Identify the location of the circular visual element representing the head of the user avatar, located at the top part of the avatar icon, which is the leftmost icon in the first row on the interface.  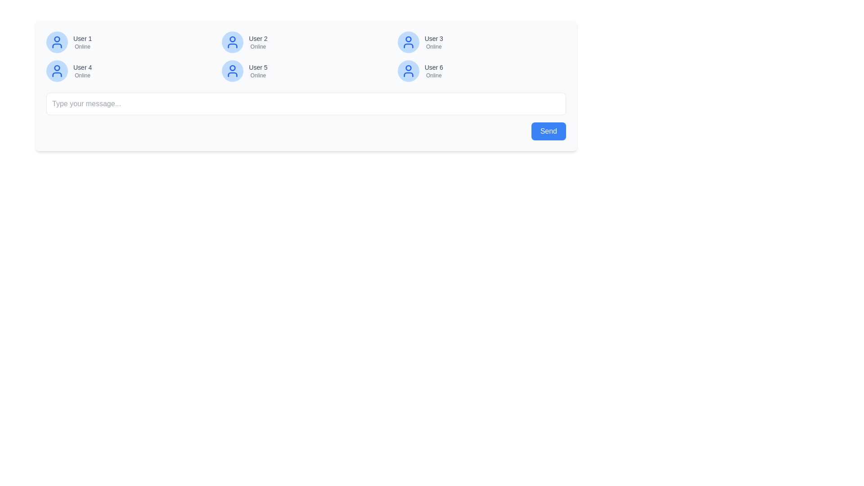
(56, 39).